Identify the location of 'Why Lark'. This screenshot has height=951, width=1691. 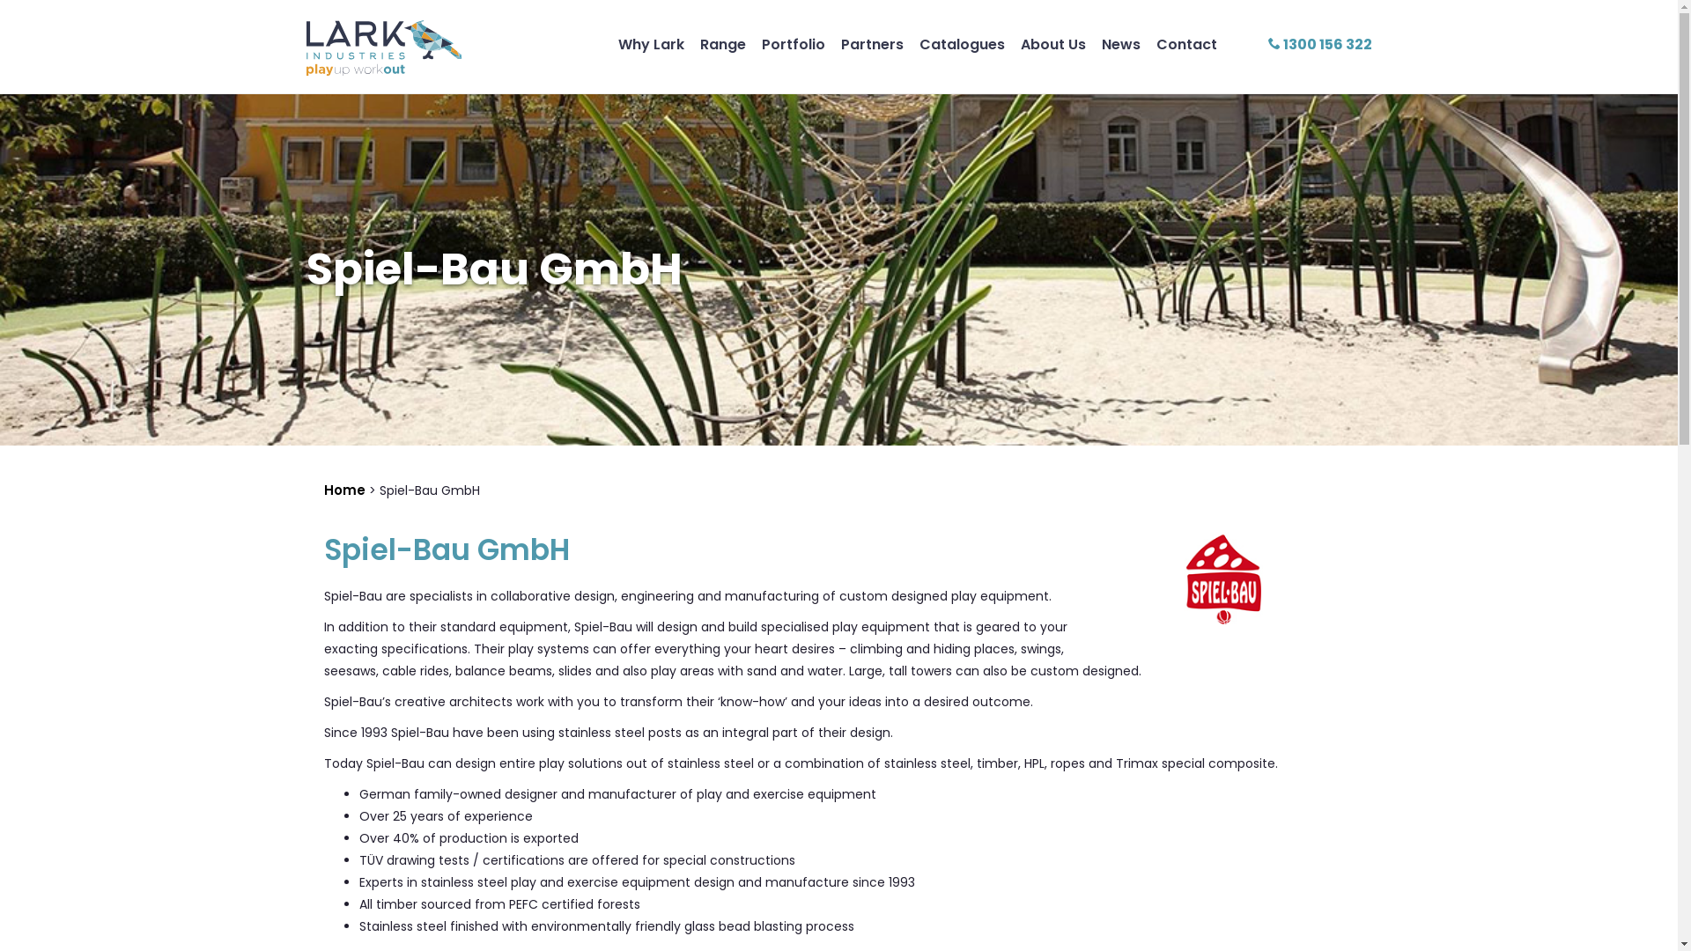
(650, 43).